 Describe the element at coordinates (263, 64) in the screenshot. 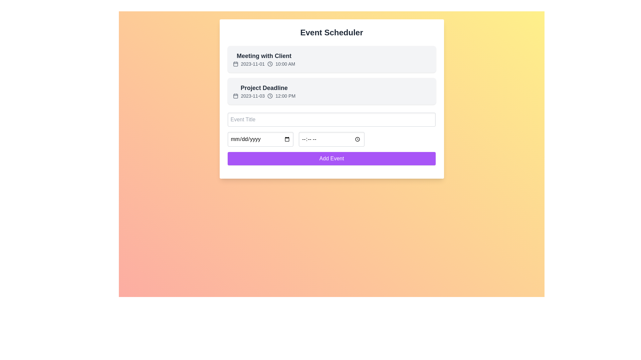

I see `the 'scheduled date and time' text with icons element located under the 'Meeting with Client' section, which provides additional context for the event` at that location.